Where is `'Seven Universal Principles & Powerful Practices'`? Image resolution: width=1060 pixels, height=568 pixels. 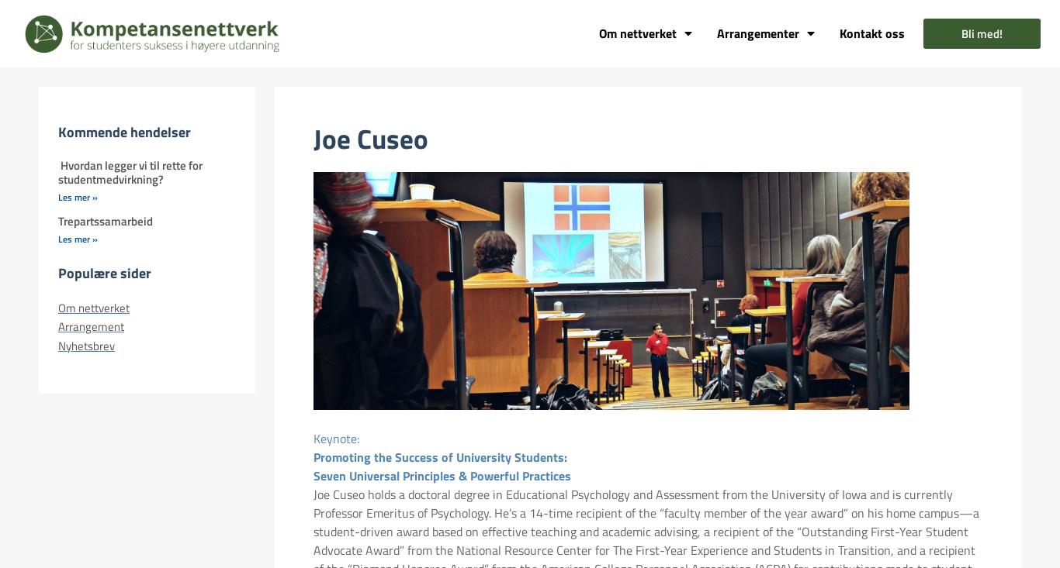
'Seven Universal Principles & Powerful Practices' is located at coordinates (442, 475).